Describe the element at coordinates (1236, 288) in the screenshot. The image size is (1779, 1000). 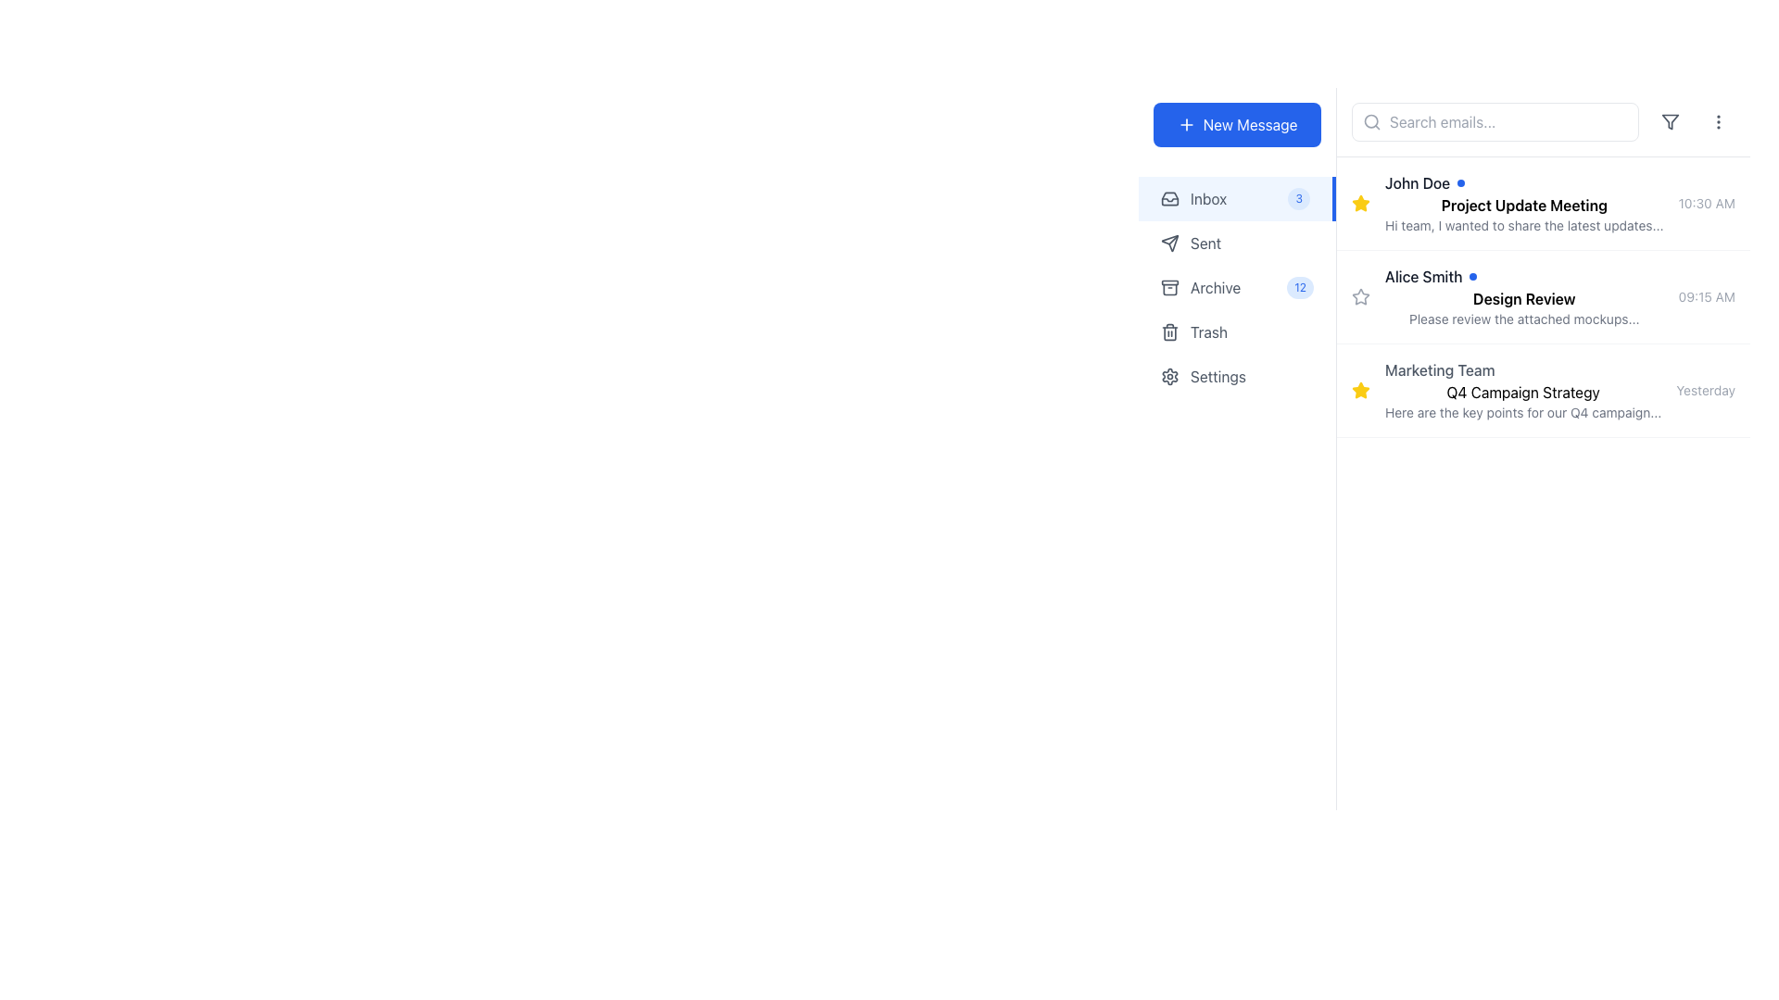
I see `the 'Archive' navigation menu item, which is the third item in the vertical sidebar and has a gray text label with a blue badge showing the number '12'` at that location.